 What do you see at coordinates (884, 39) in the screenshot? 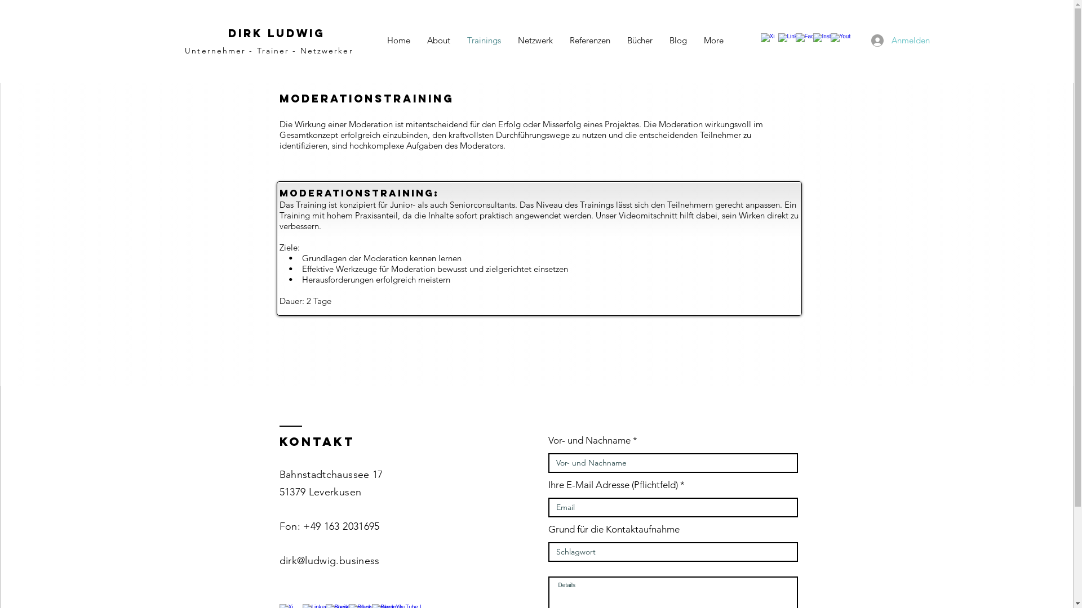
I see `'Anmelden'` at bounding box center [884, 39].